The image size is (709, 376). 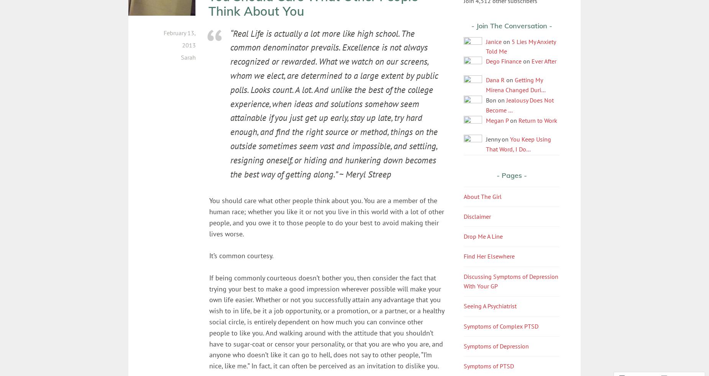 What do you see at coordinates (538, 120) in the screenshot?
I see `'Return to Work'` at bounding box center [538, 120].